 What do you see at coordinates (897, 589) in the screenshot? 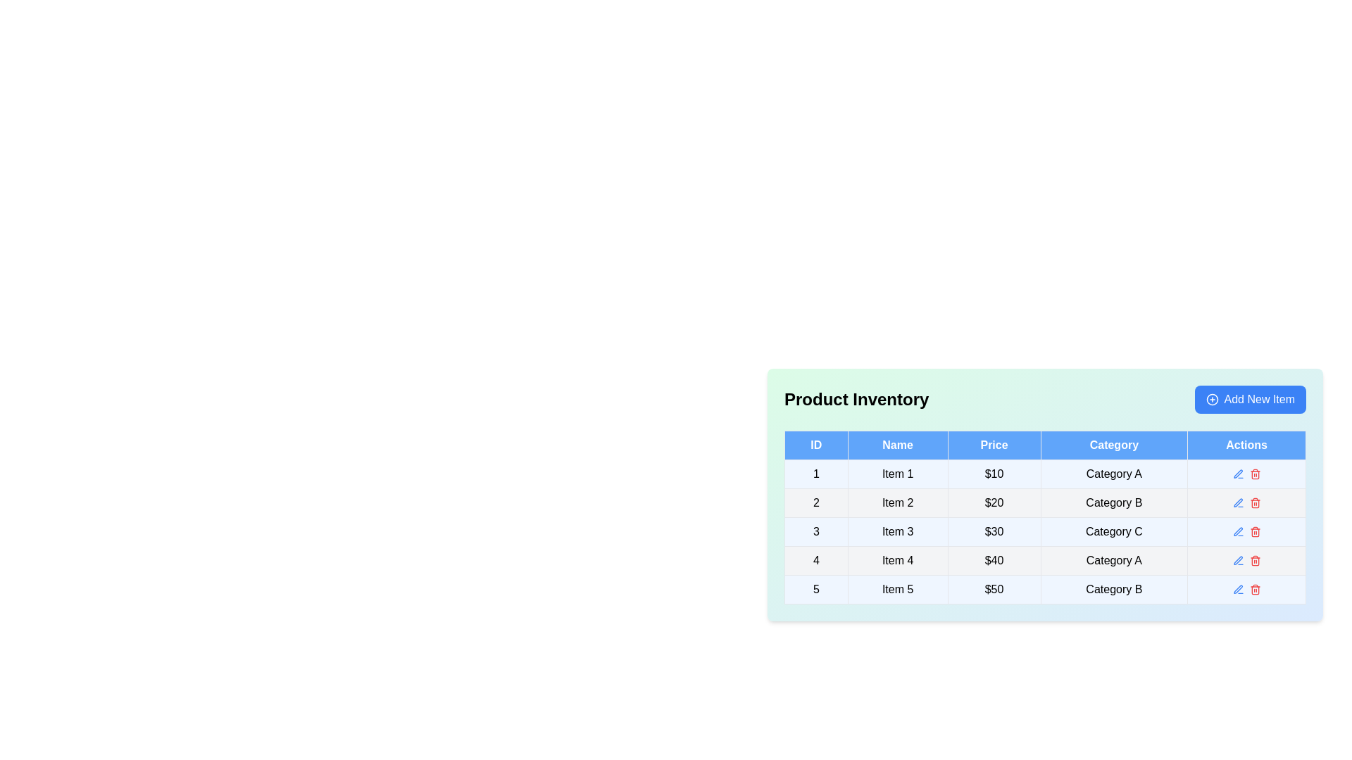
I see `the table cell displaying the text 'Item 5', which is located in the 5th row and 2nd column of the table` at bounding box center [897, 589].